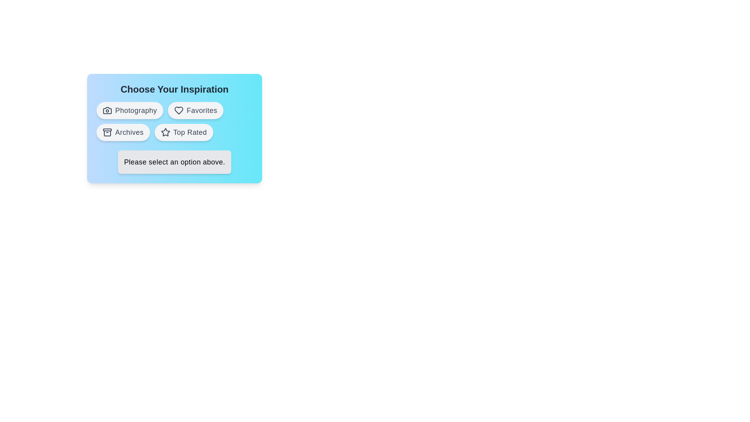 The image size is (750, 422). What do you see at coordinates (107, 133) in the screenshot?
I see `the 'Archives' button, which is visually represented by an icon indicating archiving or storage, located in the bottom-left part of the top button row within the 'Choose Your Inspiration' category` at bounding box center [107, 133].